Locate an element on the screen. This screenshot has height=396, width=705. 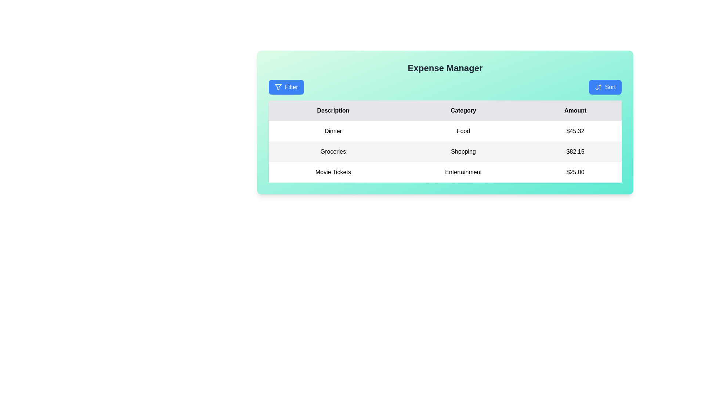
the 'Entertainment' text label located in the 'Category' column and corresponding to the 'Movie Tickets' row in the table is located at coordinates (463, 172).